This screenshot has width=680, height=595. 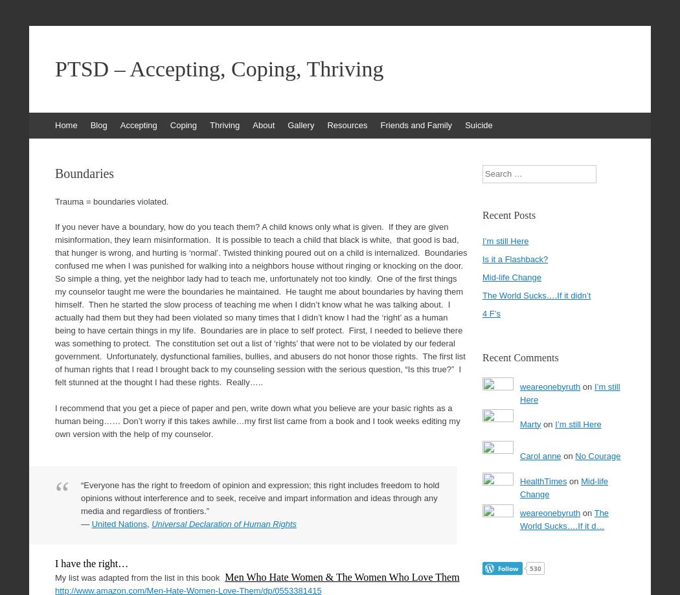 I want to click on 'The World Sucks….If it didn’t', so click(x=536, y=295).